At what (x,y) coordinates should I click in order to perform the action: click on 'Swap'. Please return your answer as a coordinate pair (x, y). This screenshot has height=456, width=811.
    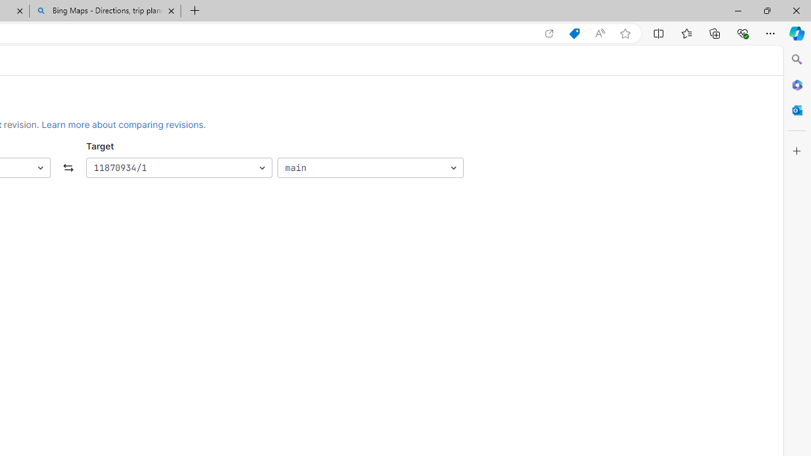
    Looking at the image, I should click on (68, 167).